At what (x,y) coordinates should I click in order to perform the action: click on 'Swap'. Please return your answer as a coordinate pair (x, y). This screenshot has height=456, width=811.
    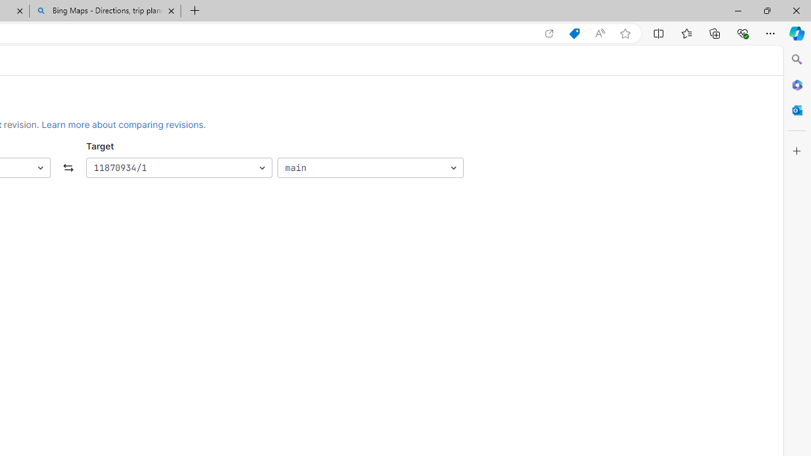
    Looking at the image, I should click on (68, 167).